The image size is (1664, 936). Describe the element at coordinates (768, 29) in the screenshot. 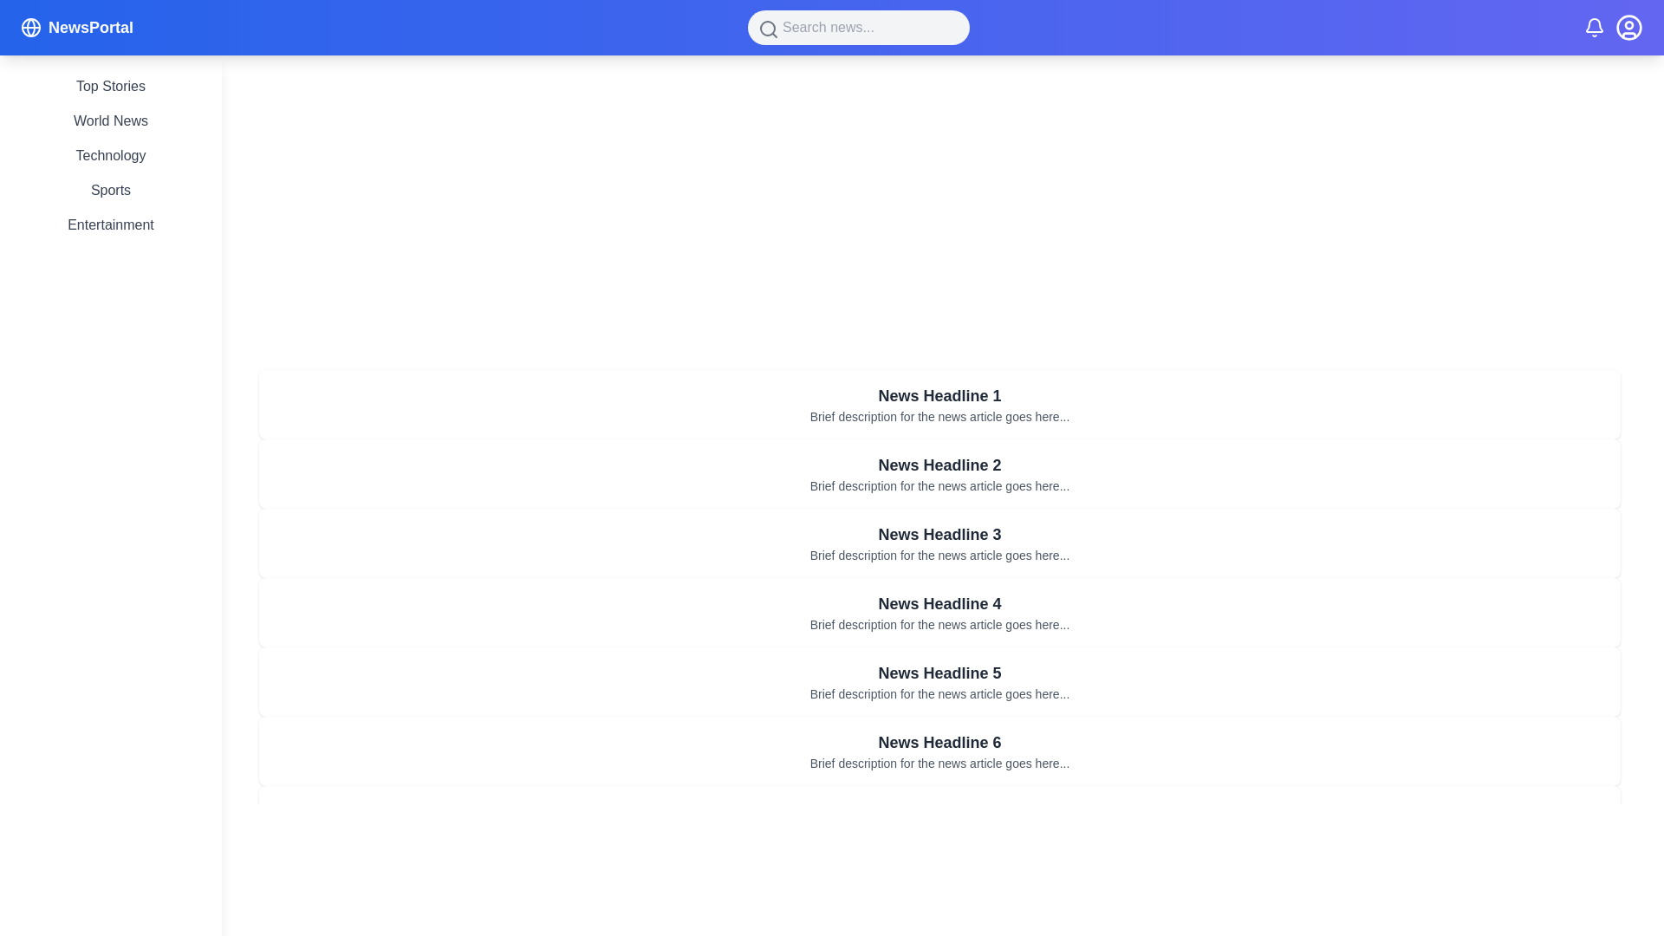

I see `the search icon located on the left side of the search bar at the upper central region of the interface` at that location.